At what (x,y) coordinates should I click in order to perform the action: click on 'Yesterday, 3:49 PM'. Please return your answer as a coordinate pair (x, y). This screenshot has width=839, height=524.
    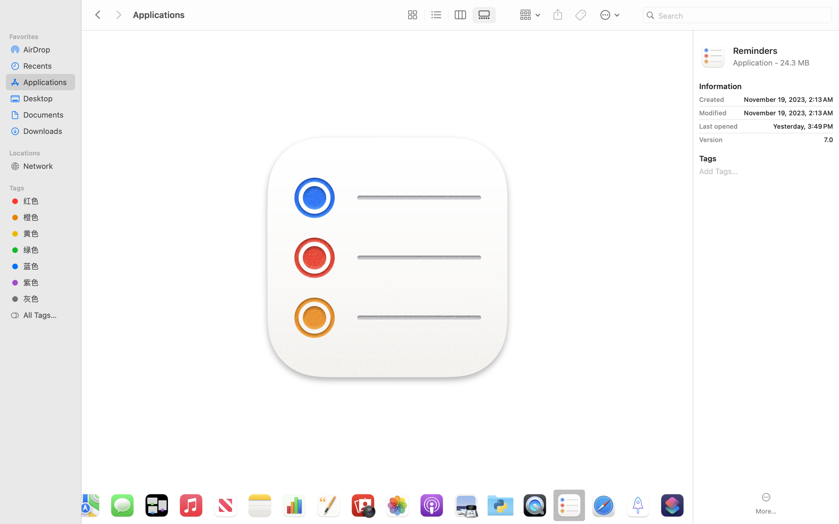
    Looking at the image, I should click on (787, 126).